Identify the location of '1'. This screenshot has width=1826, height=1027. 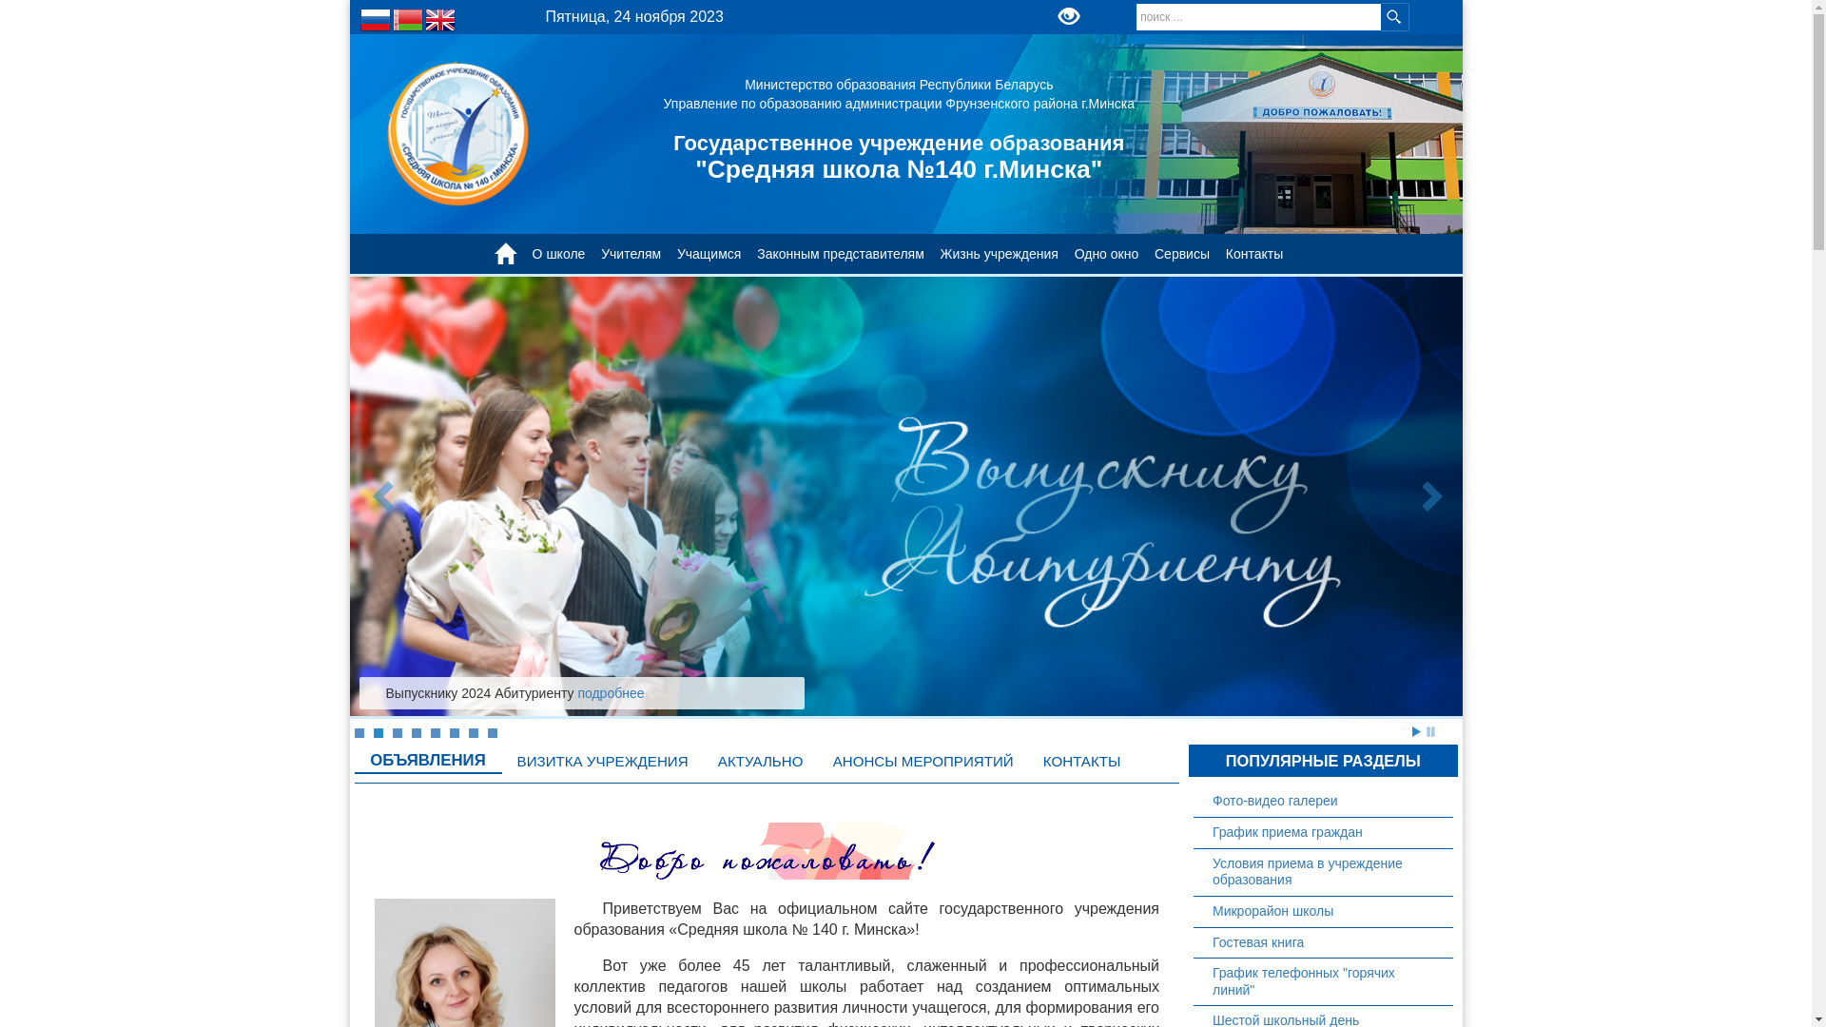
(354, 732).